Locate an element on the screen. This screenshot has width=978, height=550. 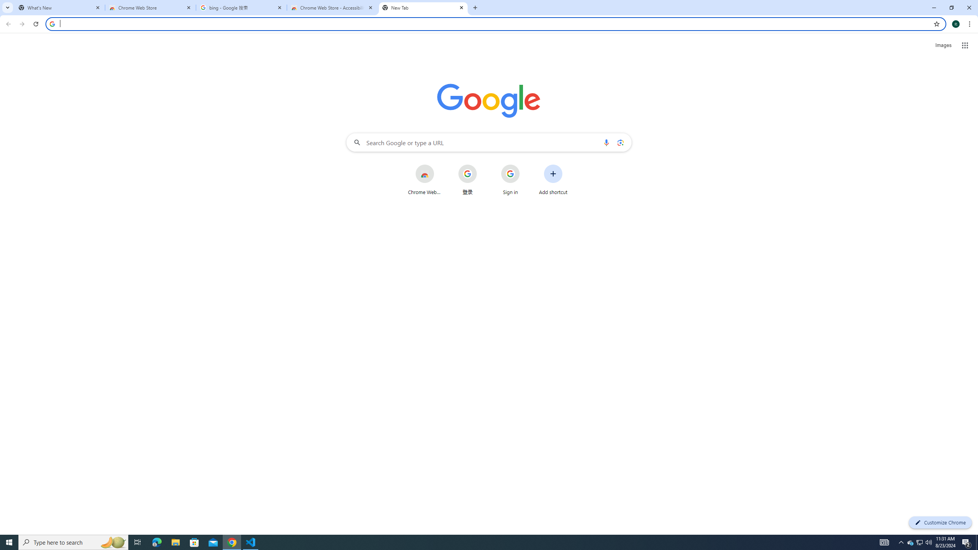
'What' is located at coordinates (59, 7).